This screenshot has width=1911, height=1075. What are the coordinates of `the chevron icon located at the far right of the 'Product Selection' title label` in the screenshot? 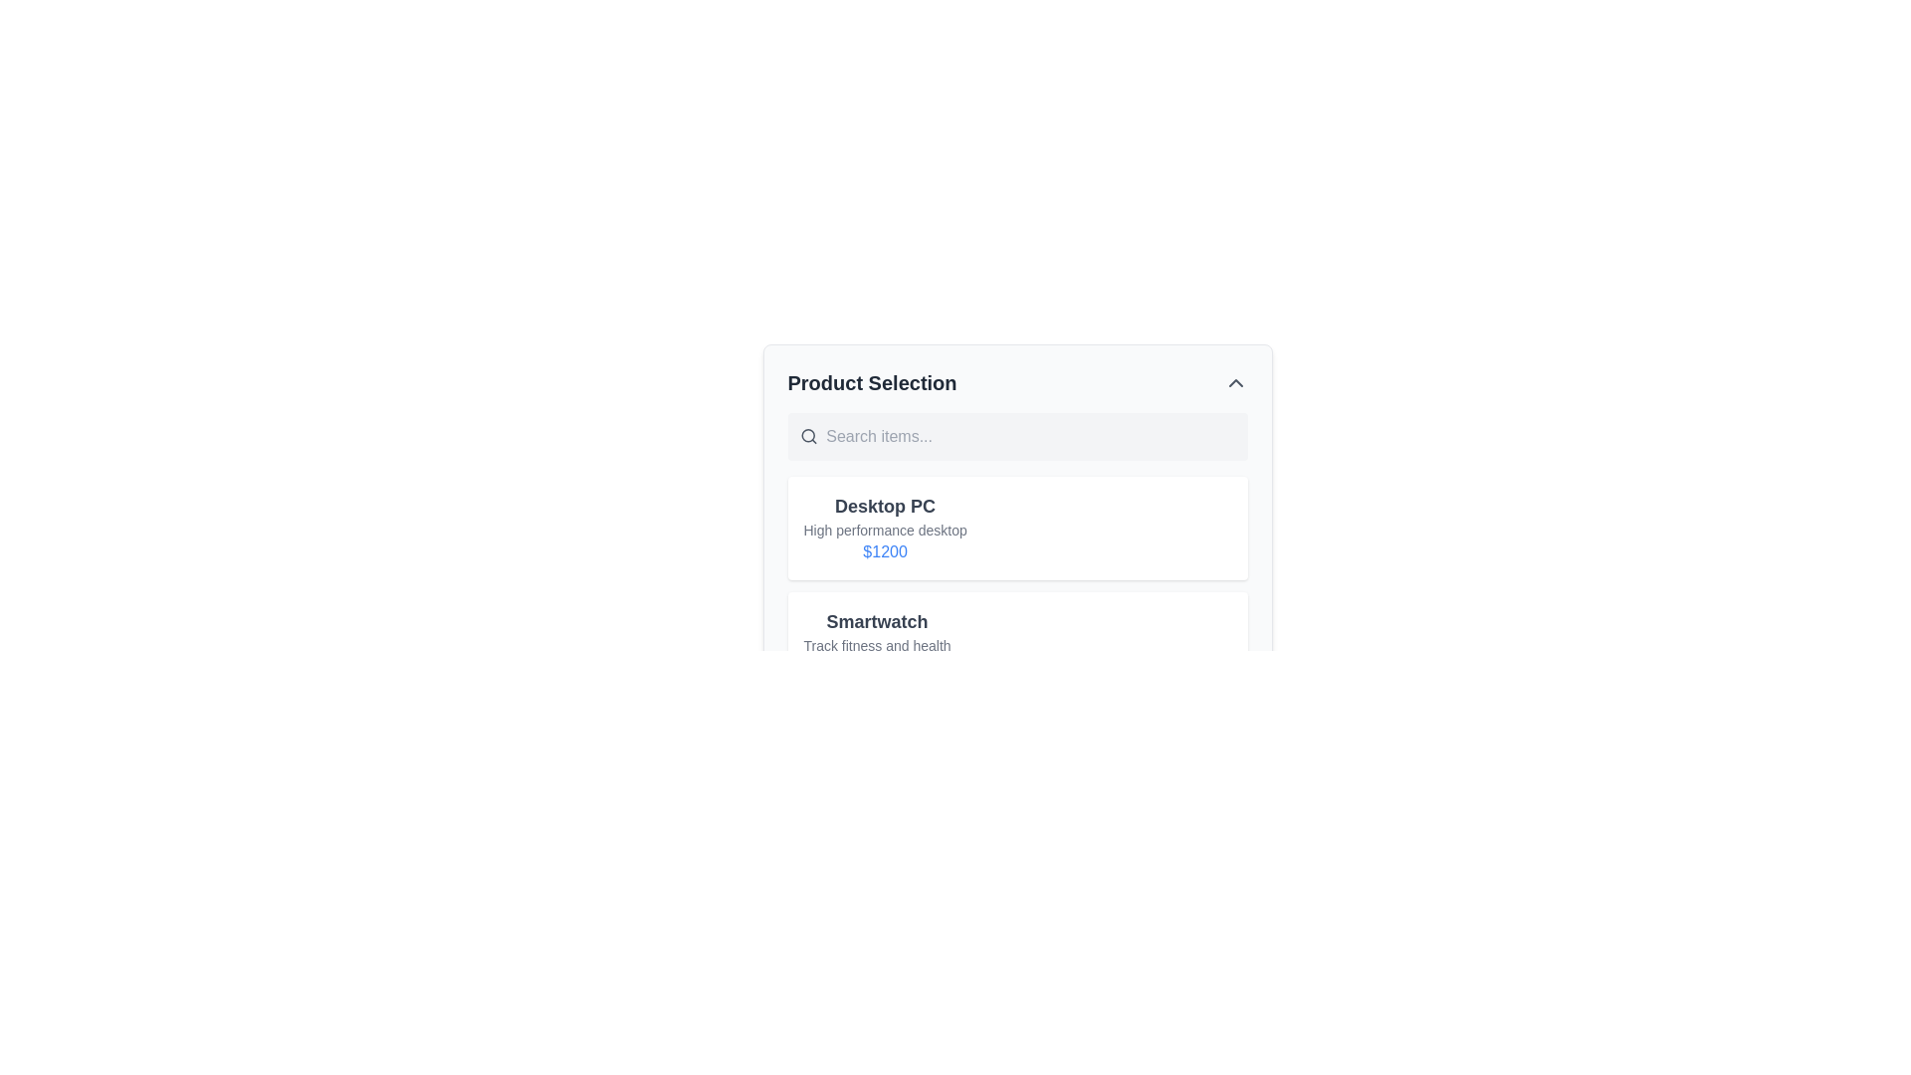 It's located at (1234, 383).